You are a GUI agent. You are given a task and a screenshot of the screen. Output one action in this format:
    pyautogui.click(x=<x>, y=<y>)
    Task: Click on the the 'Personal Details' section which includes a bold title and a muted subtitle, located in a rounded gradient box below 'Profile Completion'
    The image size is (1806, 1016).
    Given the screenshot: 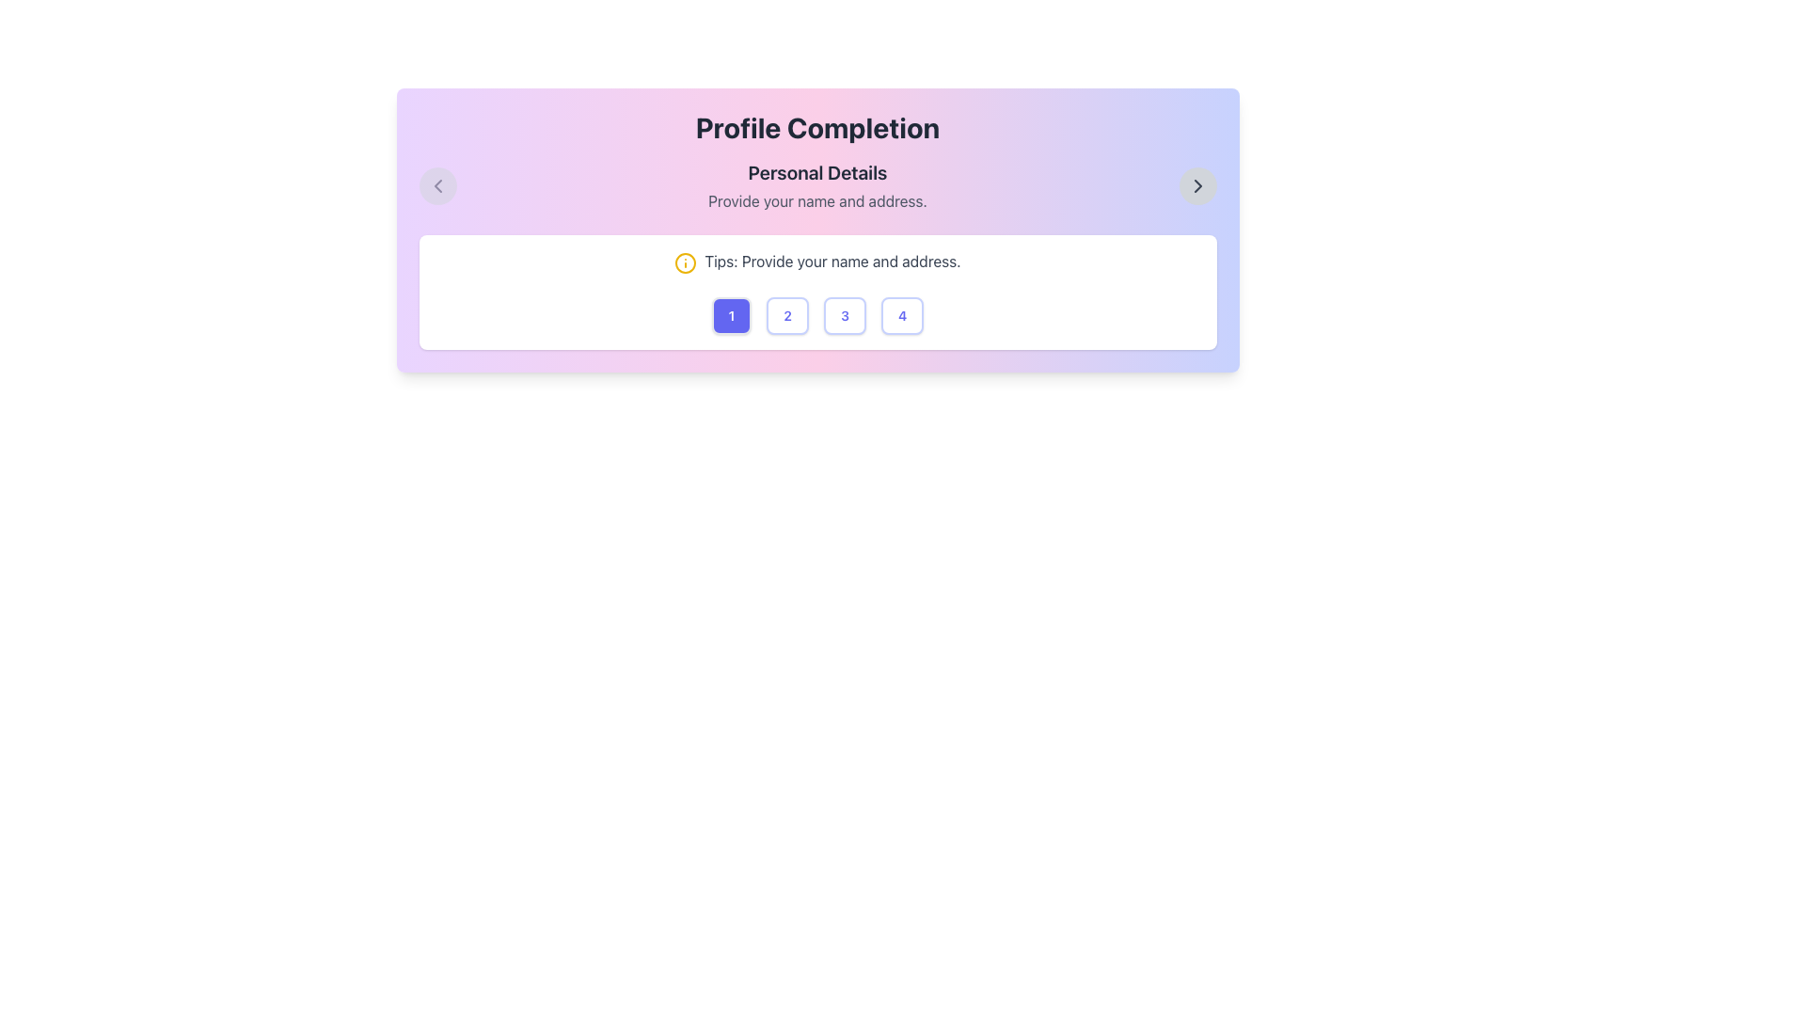 What is the action you would take?
    pyautogui.click(x=817, y=185)
    